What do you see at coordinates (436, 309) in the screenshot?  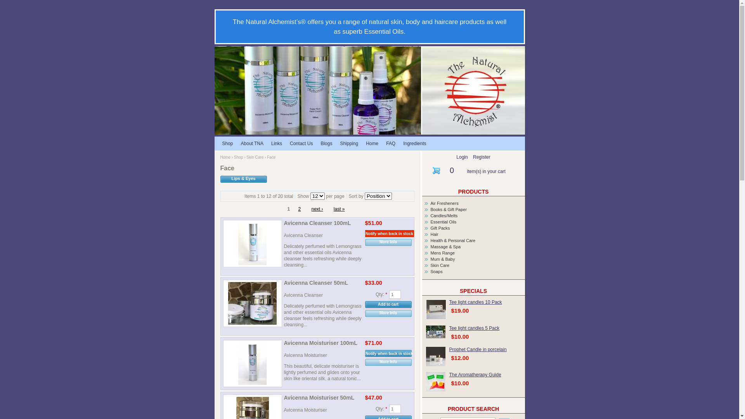 I see `'Tee light candles 10 Pack'` at bounding box center [436, 309].